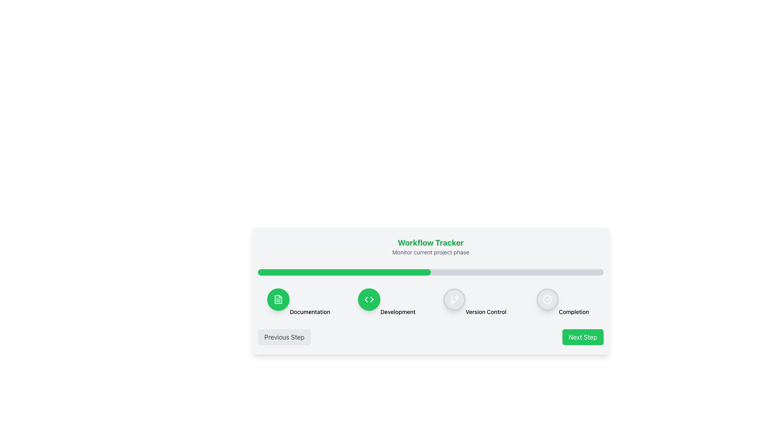 This screenshot has height=432, width=768. I want to click on the 'Next Step' button located at the bottom of the Workflow Tracker to proceed with the workflow, so click(430, 291).